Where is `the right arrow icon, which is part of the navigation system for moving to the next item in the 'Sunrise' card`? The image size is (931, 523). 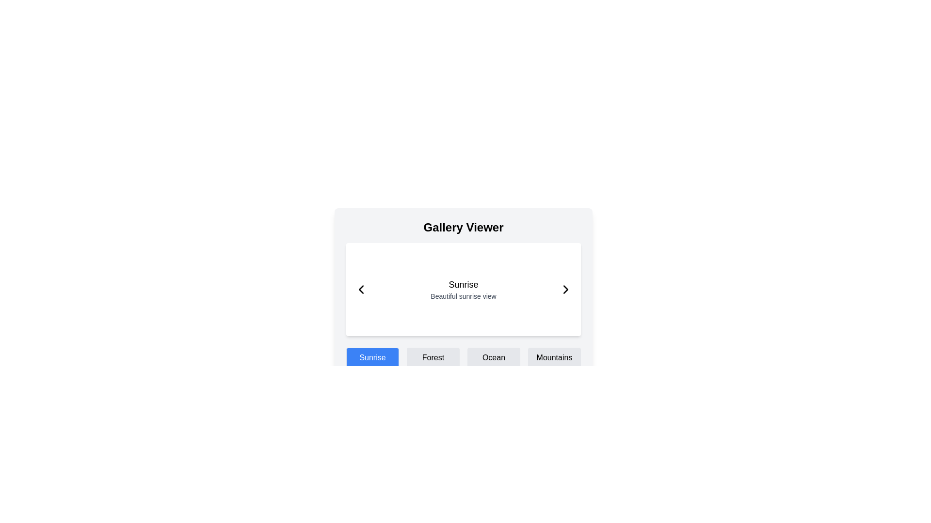
the right arrow icon, which is part of the navigation system for moving to the next item in the 'Sunrise' card is located at coordinates (565, 289).